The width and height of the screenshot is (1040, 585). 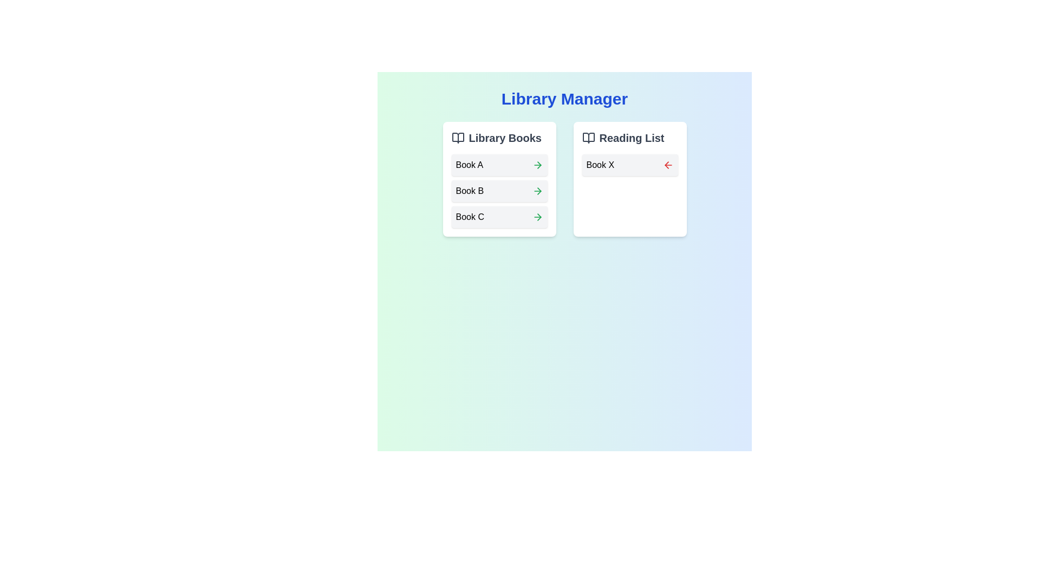 What do you see at coordinates (588, 137) in the screenshot?
I see `the Decorative Icon resembling an open book, located to the left of the 'Reading List' text` at bounding box center [588, 137].